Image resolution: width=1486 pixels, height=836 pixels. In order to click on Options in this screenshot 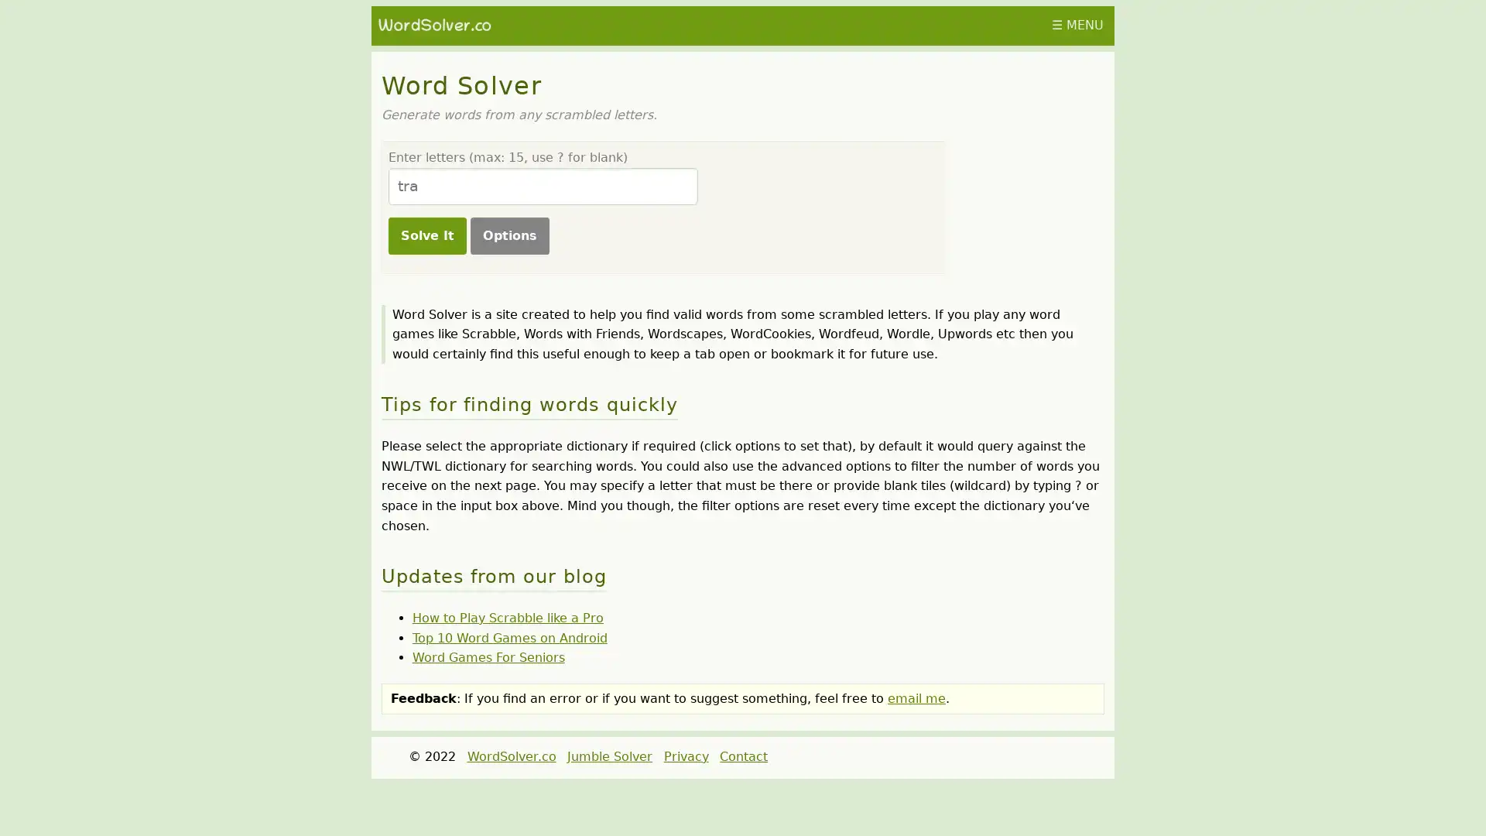, I will do `click(508, 235)`.